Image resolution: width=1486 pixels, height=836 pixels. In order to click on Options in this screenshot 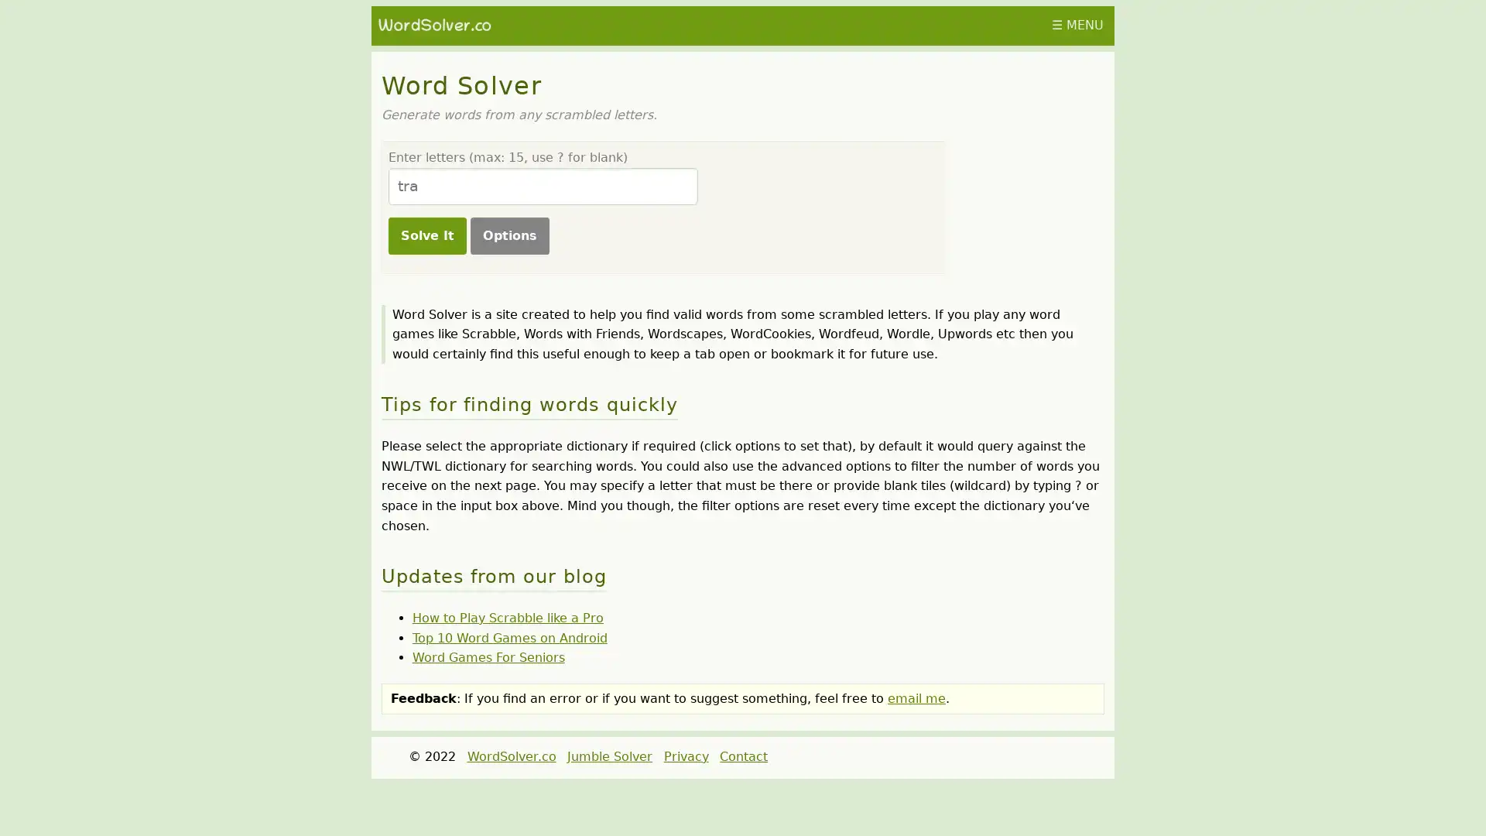, I will do `click(508, 235)`.